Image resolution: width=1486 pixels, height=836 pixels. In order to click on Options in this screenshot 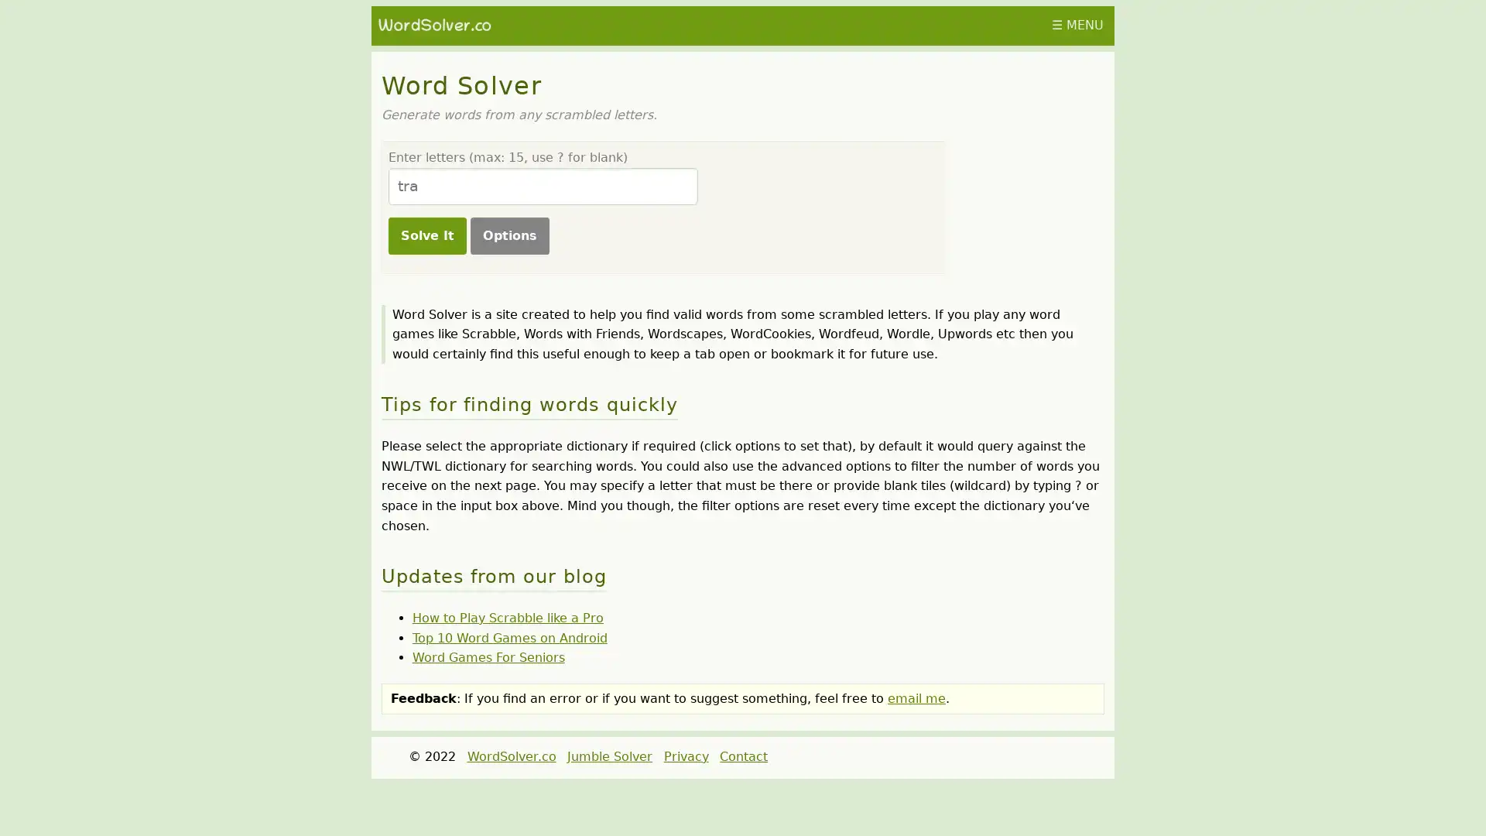, I will do `click(508, 235)`.